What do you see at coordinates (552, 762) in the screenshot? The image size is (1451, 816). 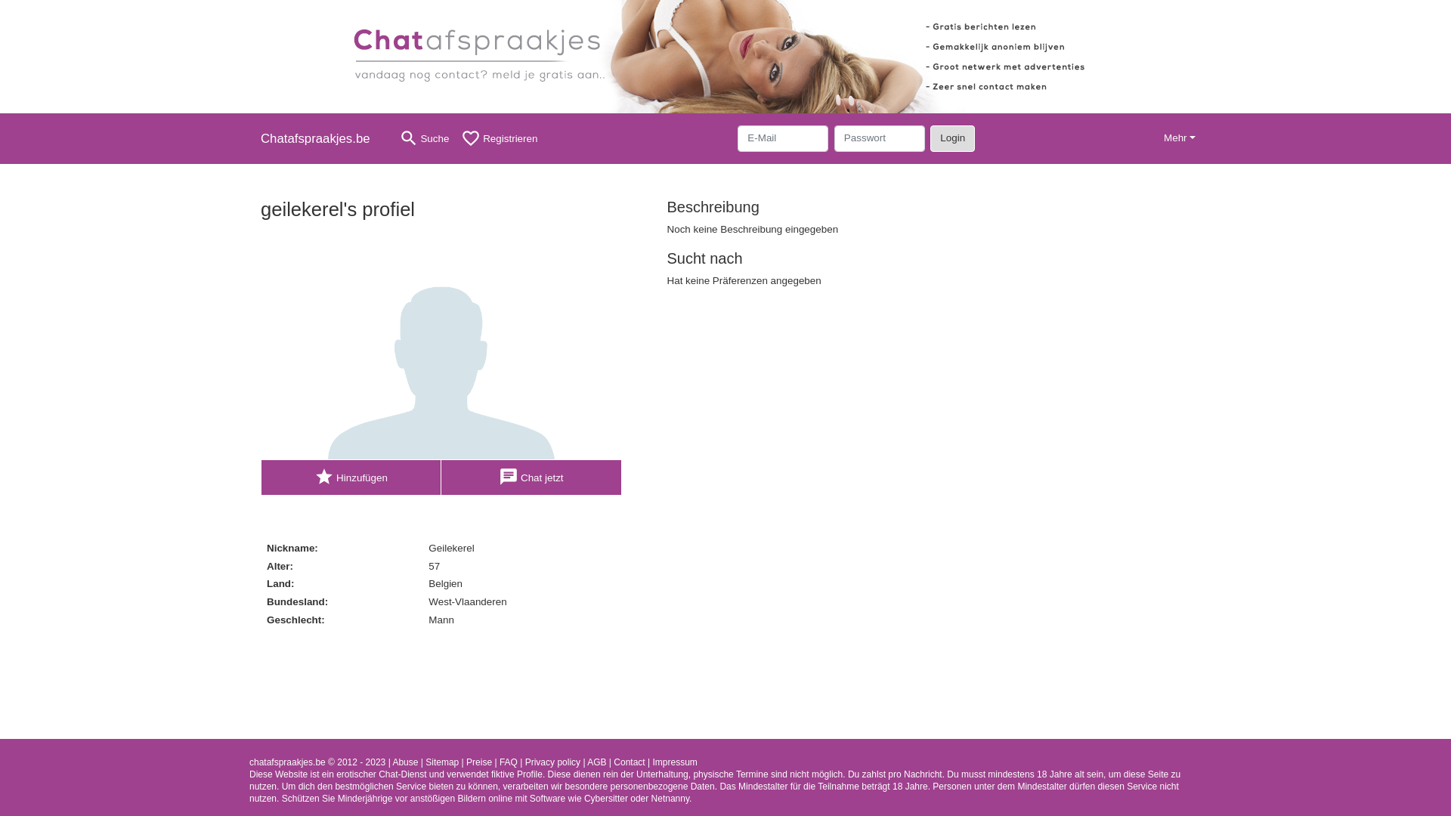 I see `'Privacy policy'` at bounding box center [552, 762].